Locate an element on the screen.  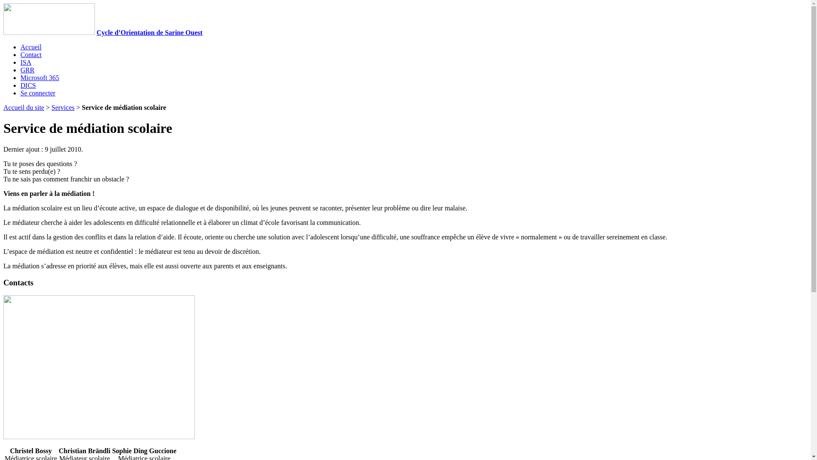
'DICS' is located at coordinates (20, 85).